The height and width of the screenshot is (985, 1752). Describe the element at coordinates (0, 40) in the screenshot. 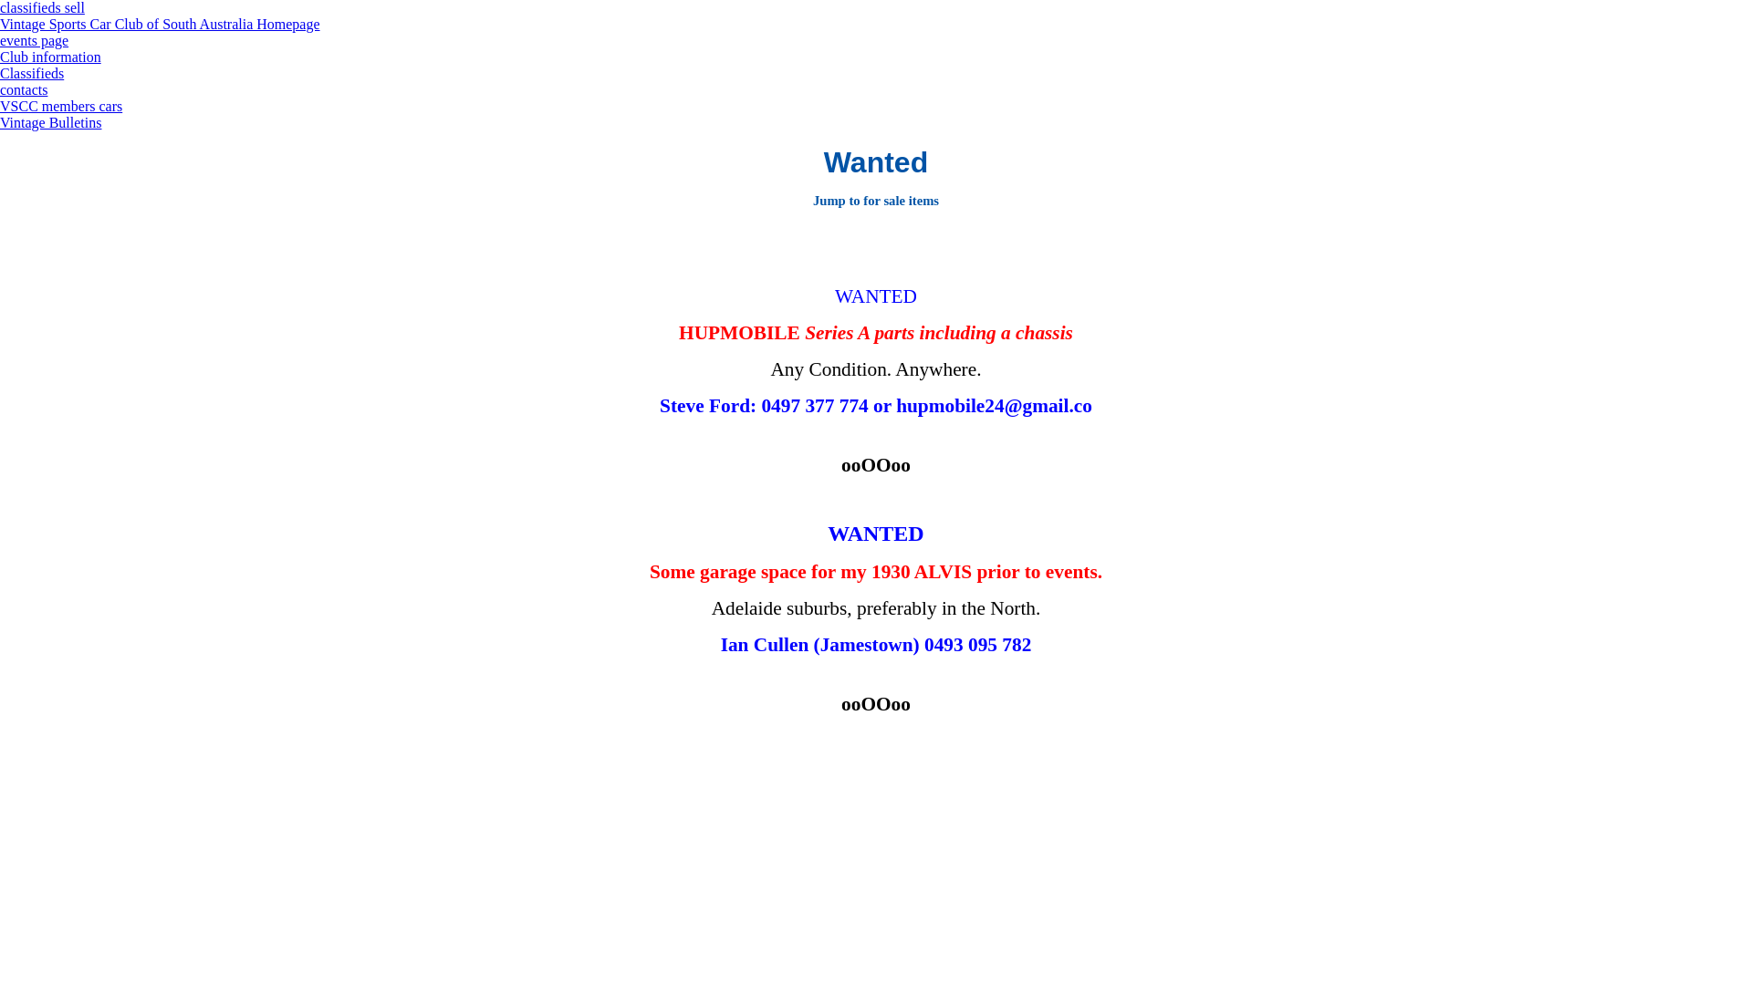

I see `'events page'` at that location.